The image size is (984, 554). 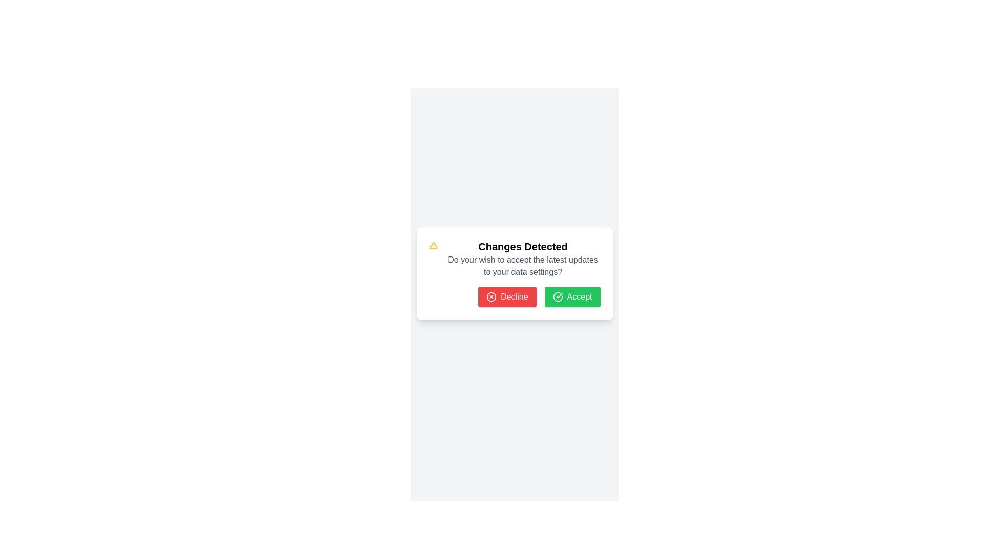 What do you see at coordinates (523, 247) in the screenshot?
I see `the Text Label that serves as the title or header for the notification card, positioned centrally at the top of the notification card, above the descriptive paragraph and buttons` at bounding box center [523, 247].